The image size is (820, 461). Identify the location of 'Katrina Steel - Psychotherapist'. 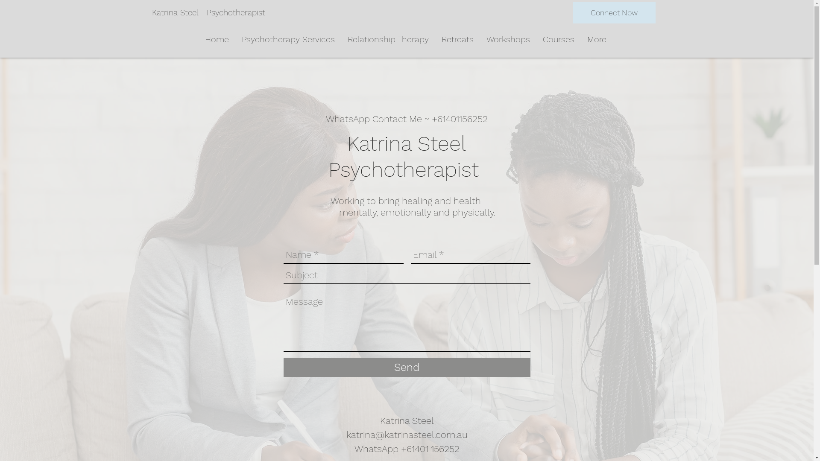
(152, 13).